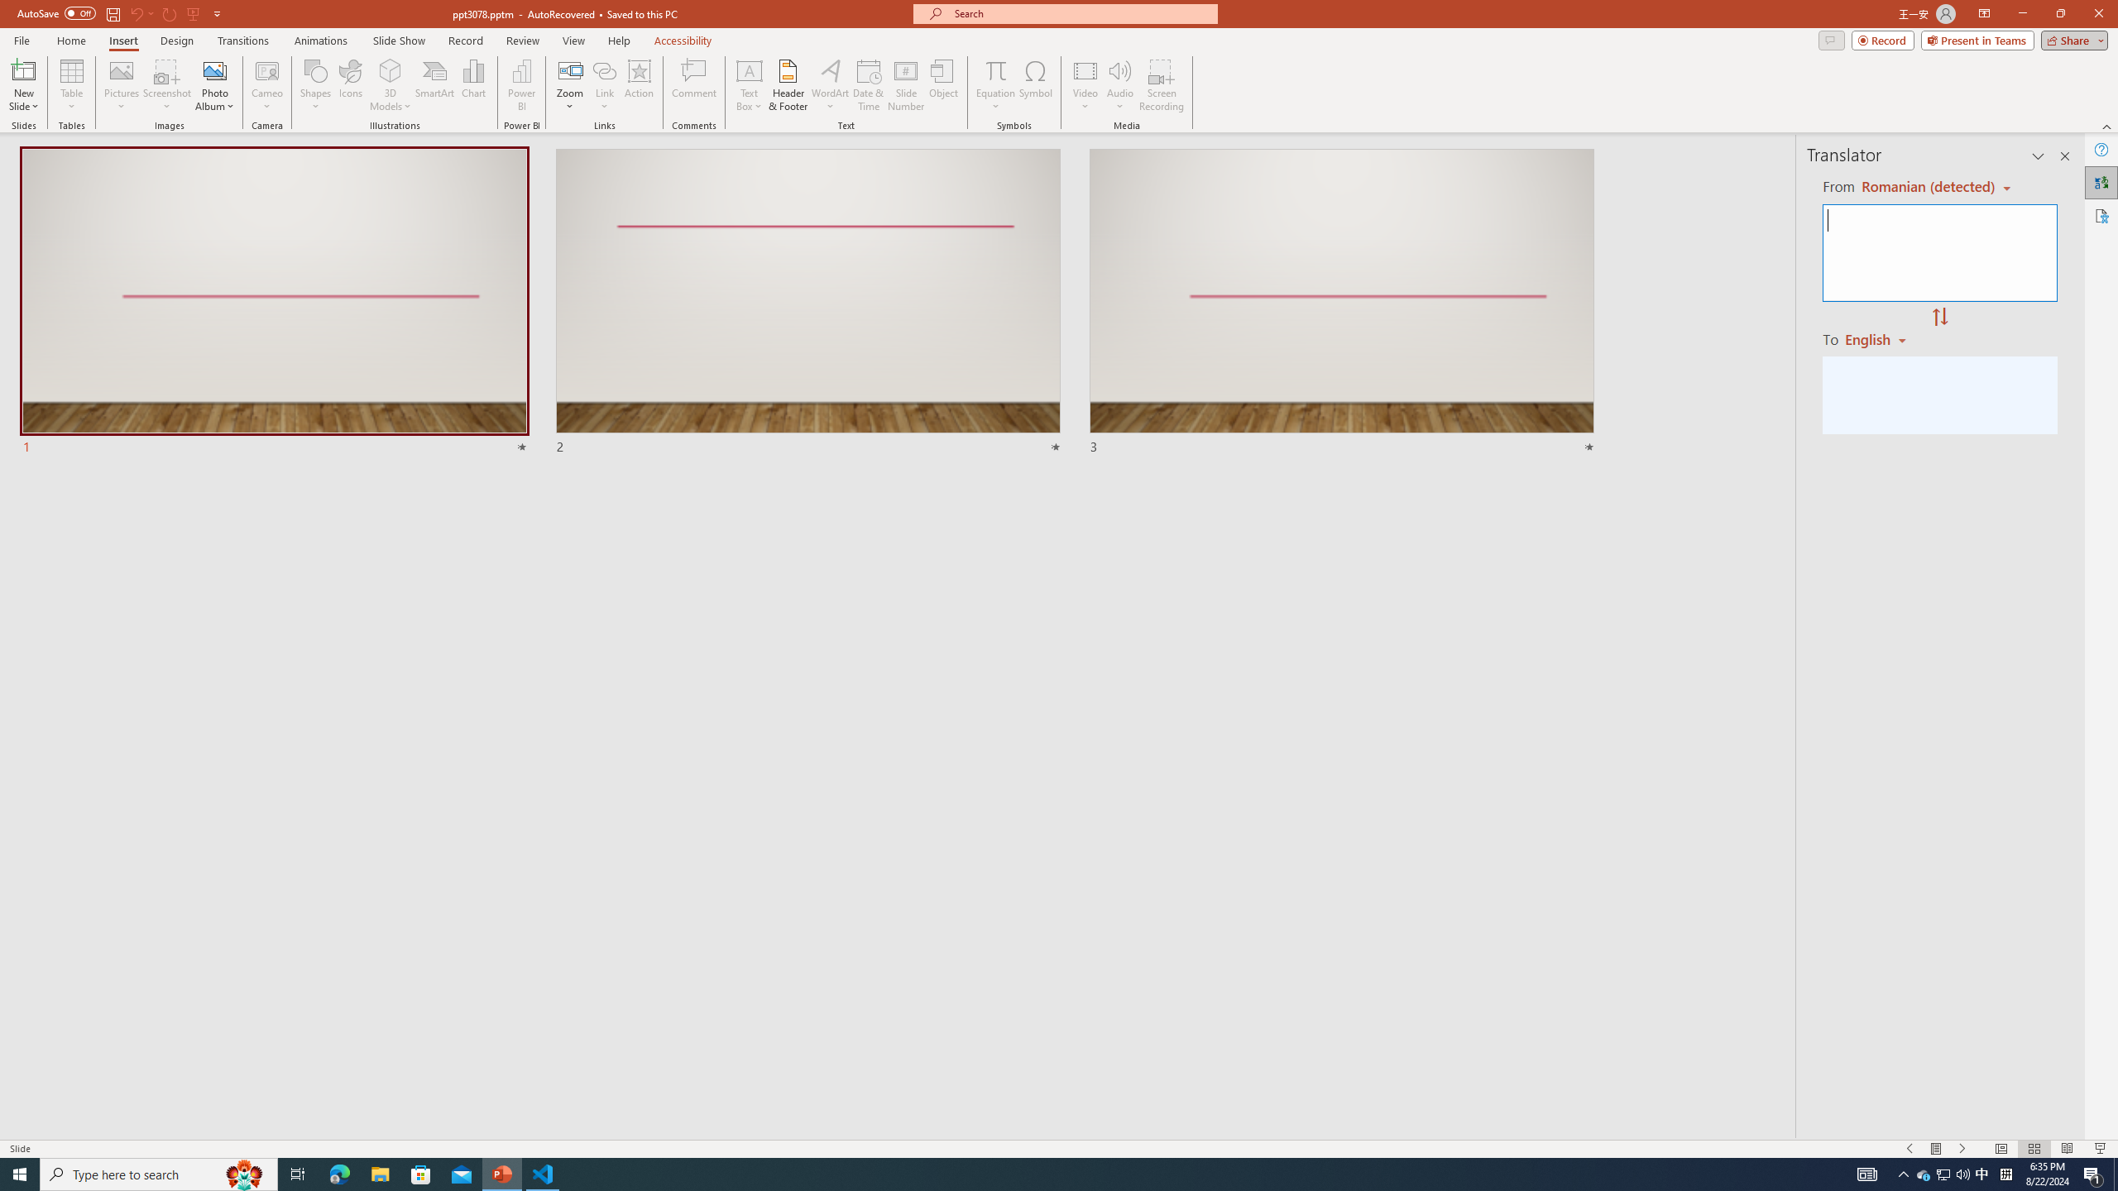  I want to click on 'Date & Time...', so click(867, 85).